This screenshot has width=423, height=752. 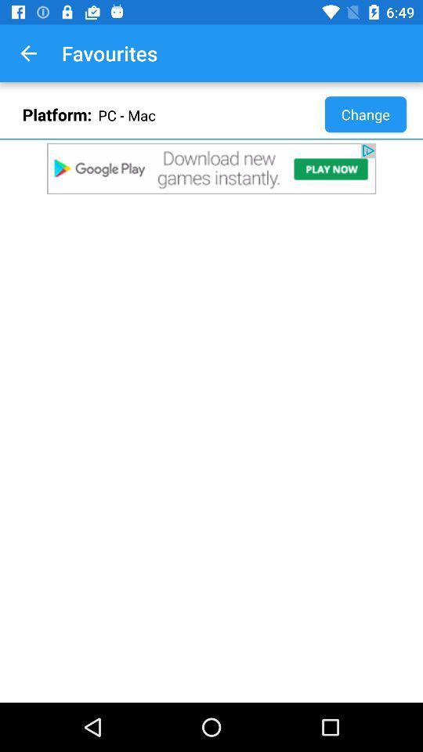 What do you see at coordinates (211, 168) in the screenshot?
I see `search page` at bounding box center [211, 168].